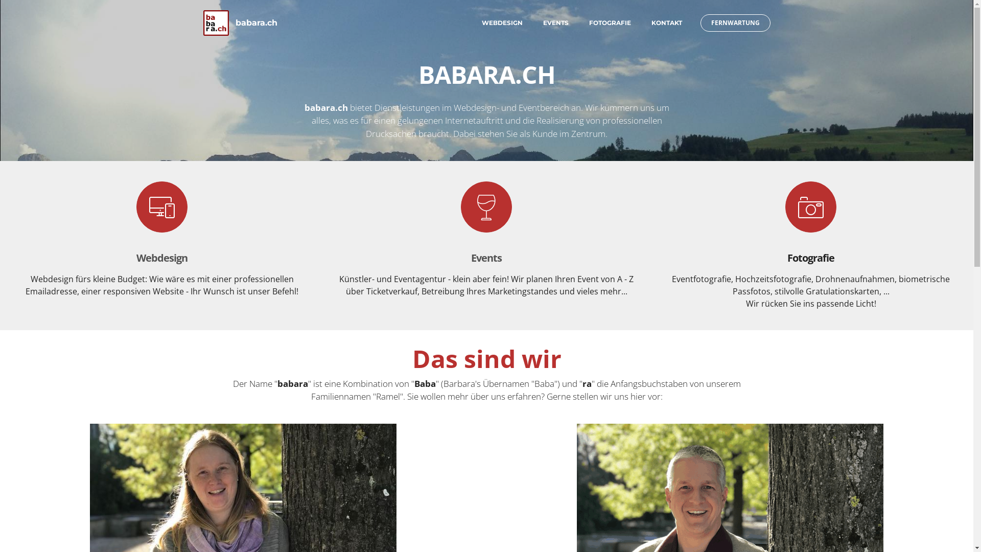 The width and height of the screenshot is (981, 552). What do you see at coordinates (502, 23) in the screenshot?
I see `'WEBDESIGN'` at bounding box center [502, 23].